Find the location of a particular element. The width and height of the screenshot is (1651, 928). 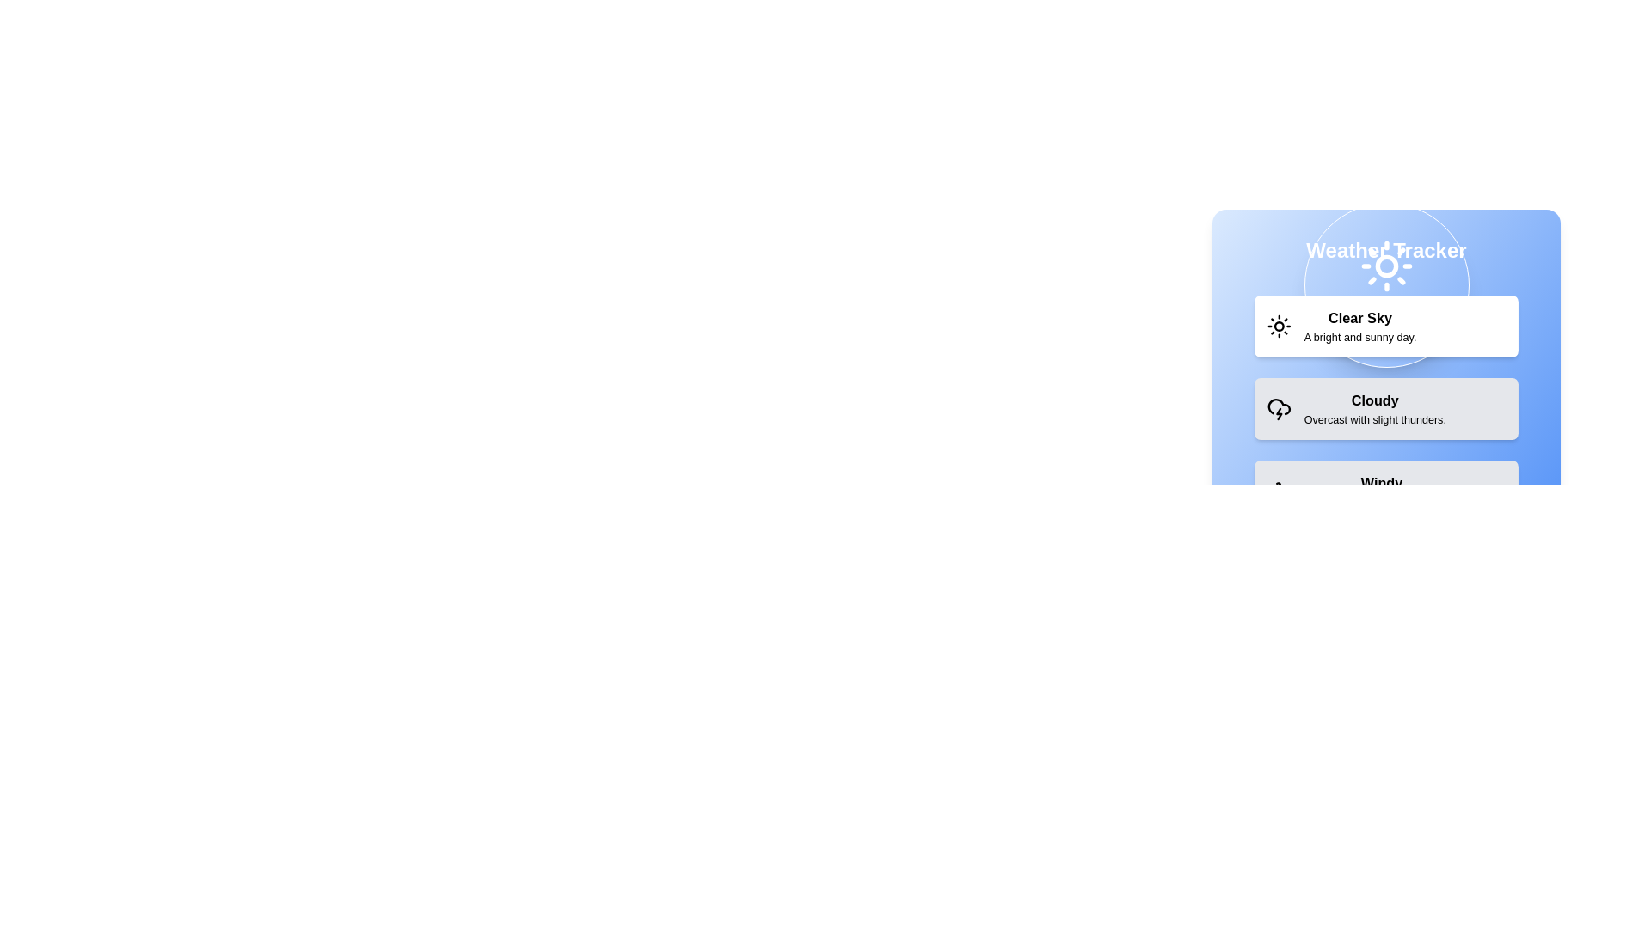

text label that displays the weather status, which says 'Clear Sky' and is styled in bold white font is located at coordinates (1386, 319).